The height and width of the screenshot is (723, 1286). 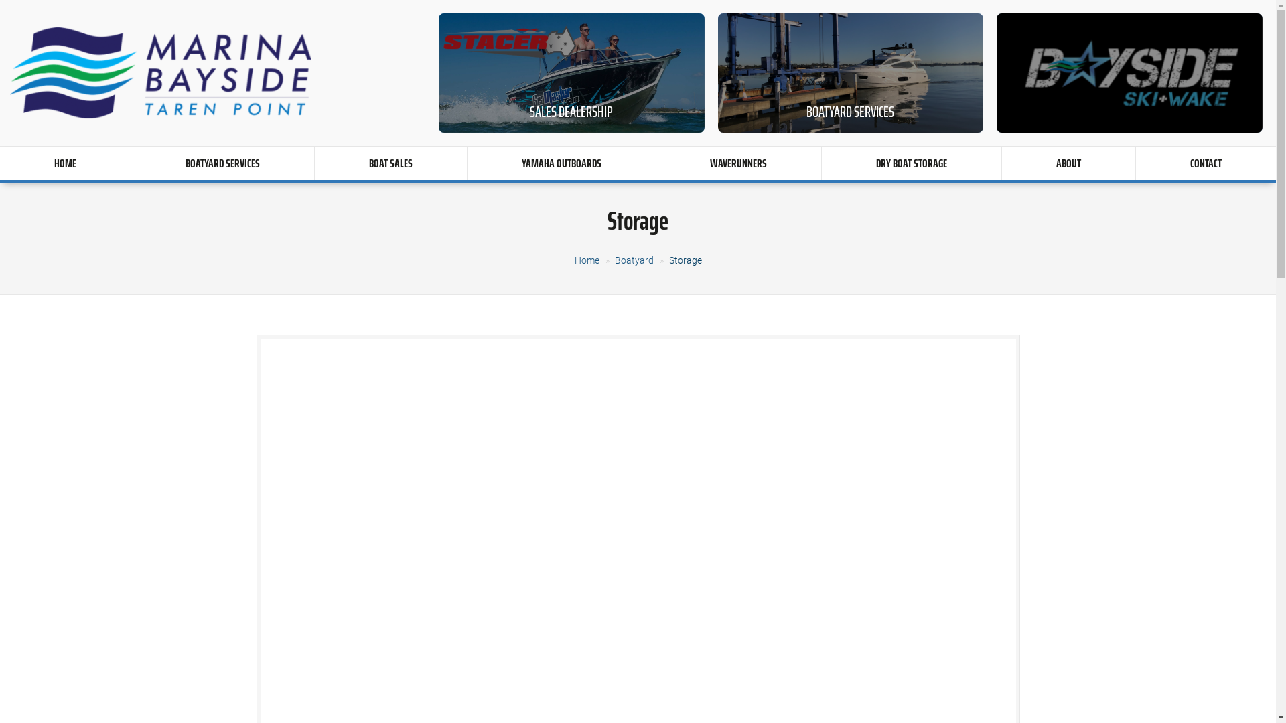 What do you see at coordinates (656, 162) in the screenshot?
I see `'WAVERUNNERS'` at bounding box center [656, 162].